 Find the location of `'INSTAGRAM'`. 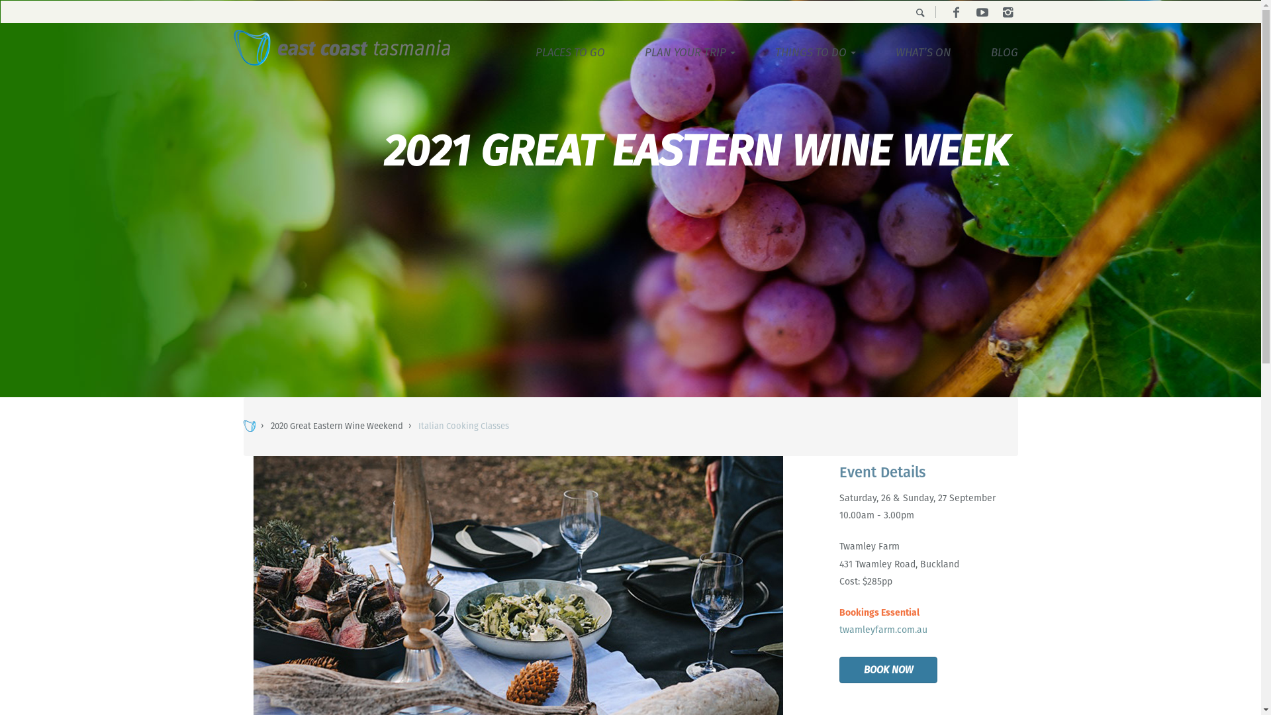

'INSTAGRAM' is located at coordinates (1006, 13).